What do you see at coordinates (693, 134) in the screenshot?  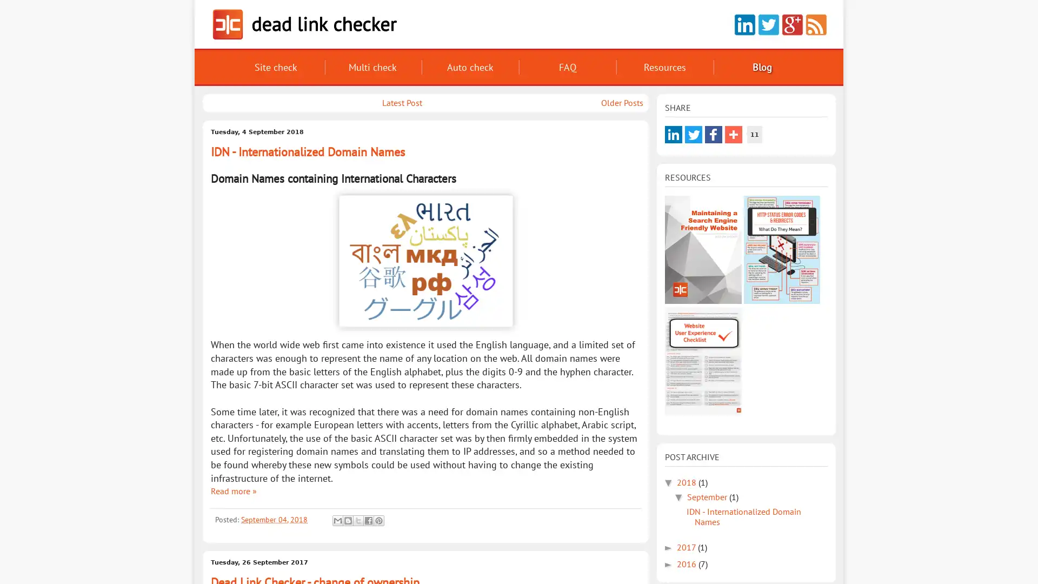 I see `Share to Twitter` at bounding box center [693, 134].